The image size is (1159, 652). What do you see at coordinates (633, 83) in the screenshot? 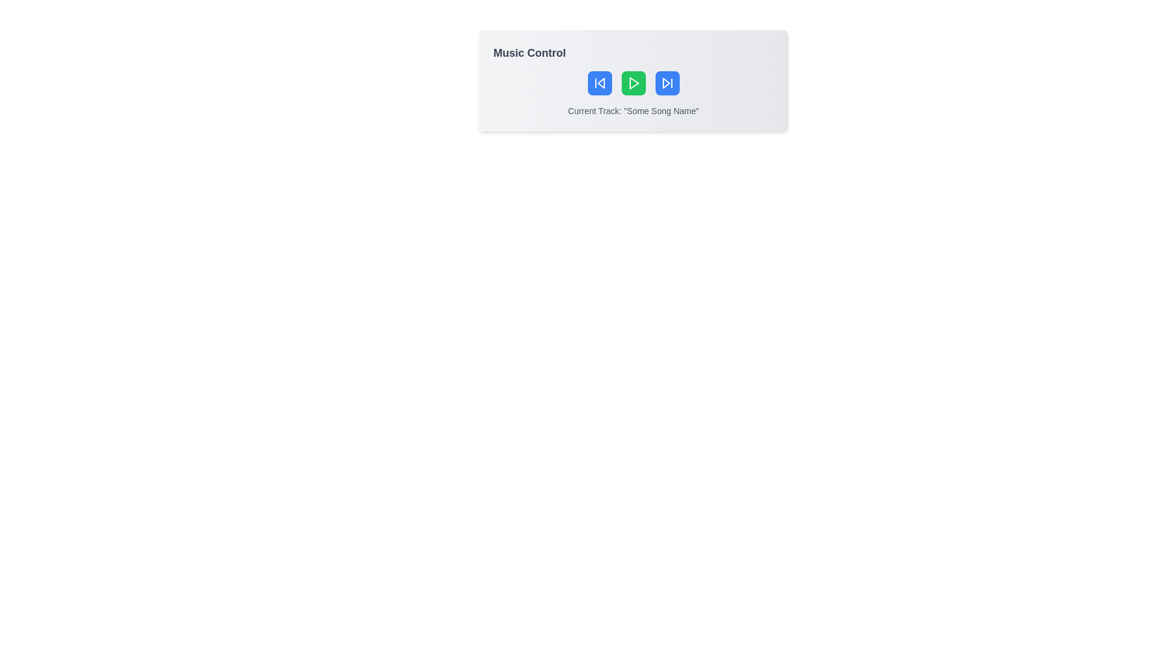
I see `the green play button with a white triangle icon, centrally located in the music control card, to initiate playback` at bounding box center [633, 83].